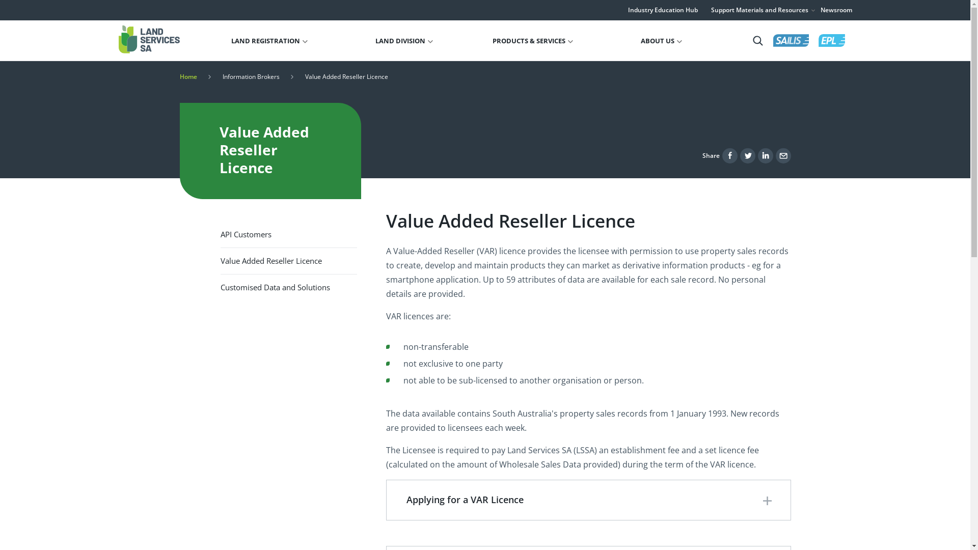 The image size is (978, 550). Describe the element at coordinates (747, 155) in the screenshot. I see `'Twitter'` at that location.